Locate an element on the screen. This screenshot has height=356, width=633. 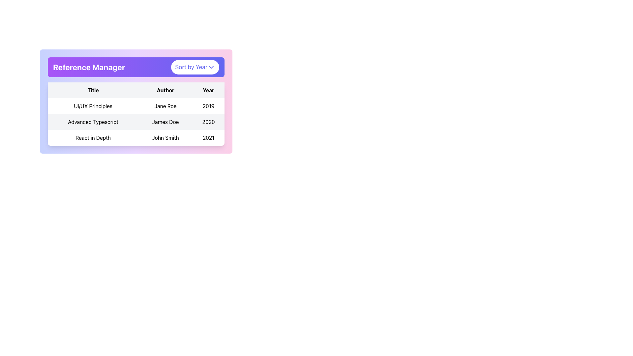
the Text Display element displaying '2021' in bold sans-serif font, located in the rightmost column under the 'Year' header, corresponding to the row for the book 'React in Depth' by 'John Smith' is located at coordinates (208, 137).